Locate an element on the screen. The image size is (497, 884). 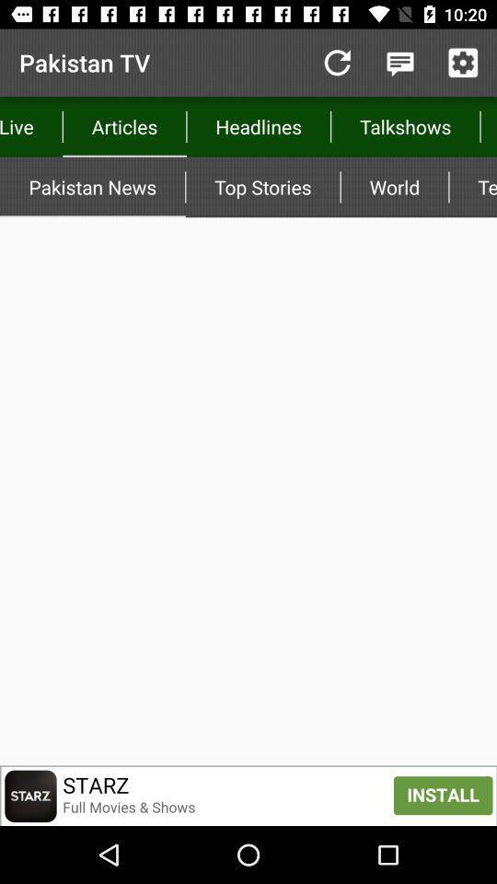
the item to the left of top stories icon is located at coordinates (91, 187).